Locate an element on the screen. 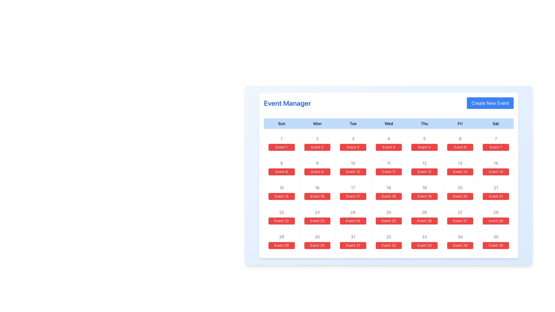 The image size is (555, 312). on the Static Text element displaying the number '2' located in the first row under the 'Mon' column is located at coordinates (317, 138).